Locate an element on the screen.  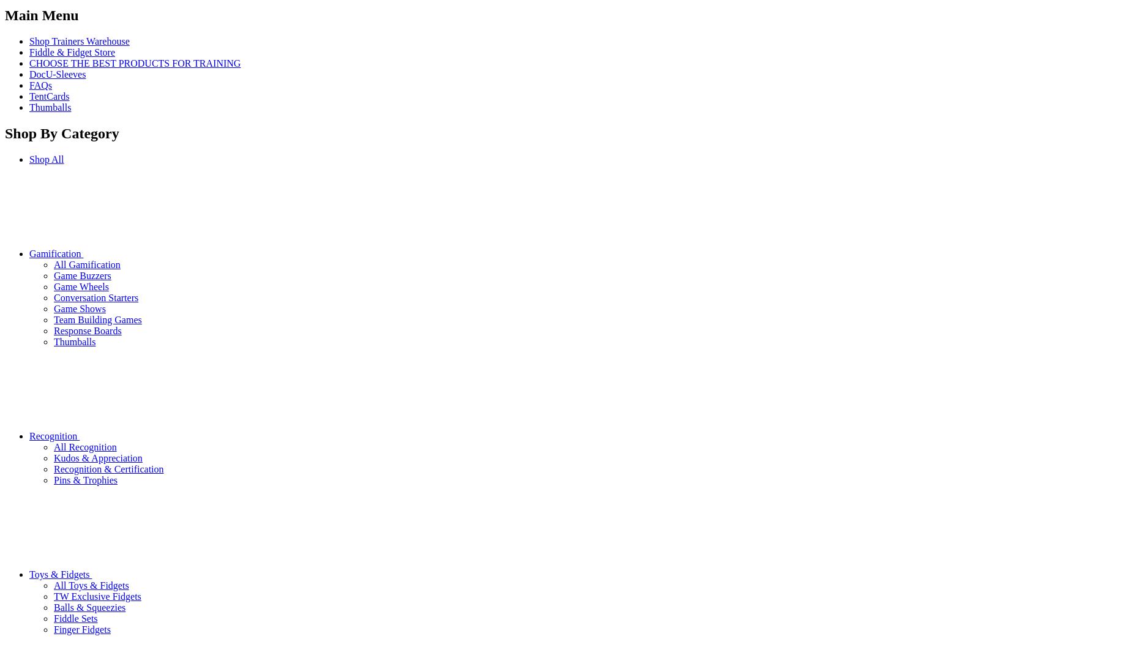
'All Gamification' is located at coordinates (54, 263).